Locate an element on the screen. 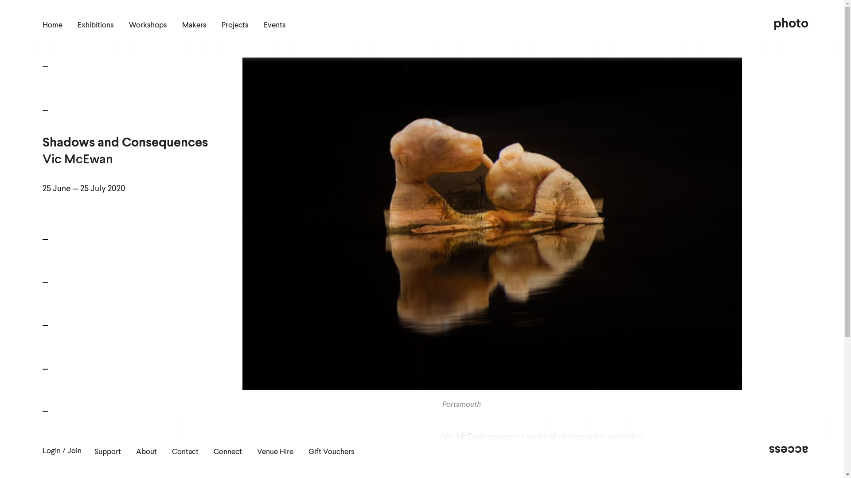 The width and height of the screenshot is (851, 478). 'Home' is located at coordinates (52, 25).